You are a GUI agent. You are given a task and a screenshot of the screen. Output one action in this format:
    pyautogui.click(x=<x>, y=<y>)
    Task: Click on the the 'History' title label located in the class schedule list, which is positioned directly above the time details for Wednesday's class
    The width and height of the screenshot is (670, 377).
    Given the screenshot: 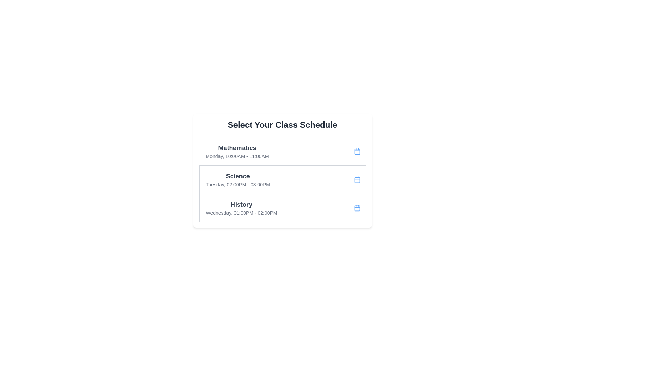 What is the action you would take?
    pyautogui.click(x=241, y=204)
    